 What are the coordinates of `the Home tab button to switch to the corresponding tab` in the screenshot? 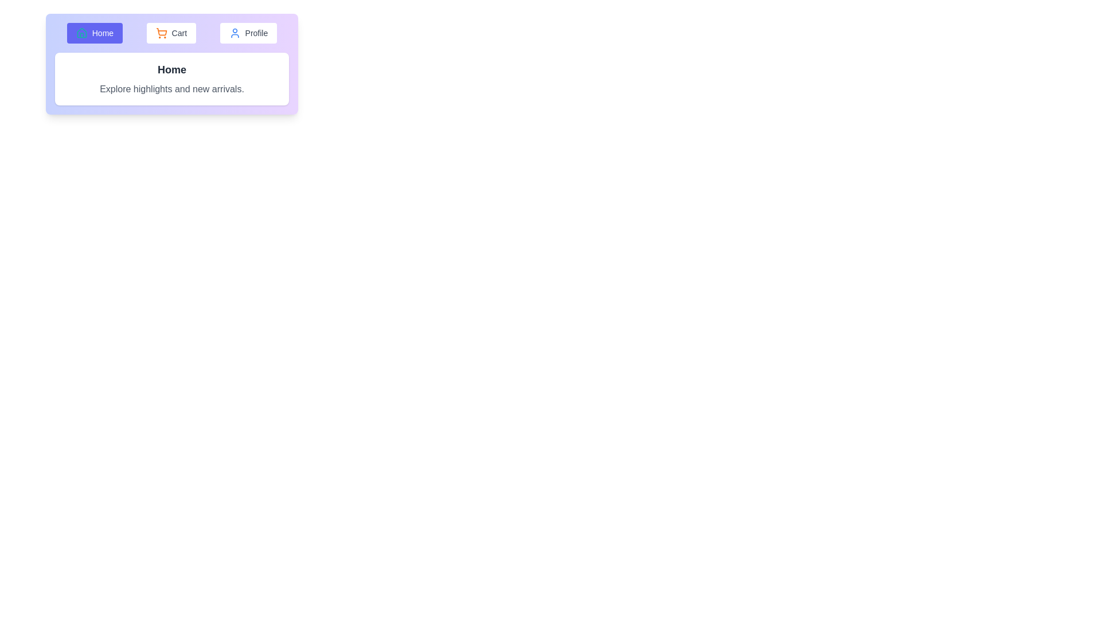 It's located at (94, 32).